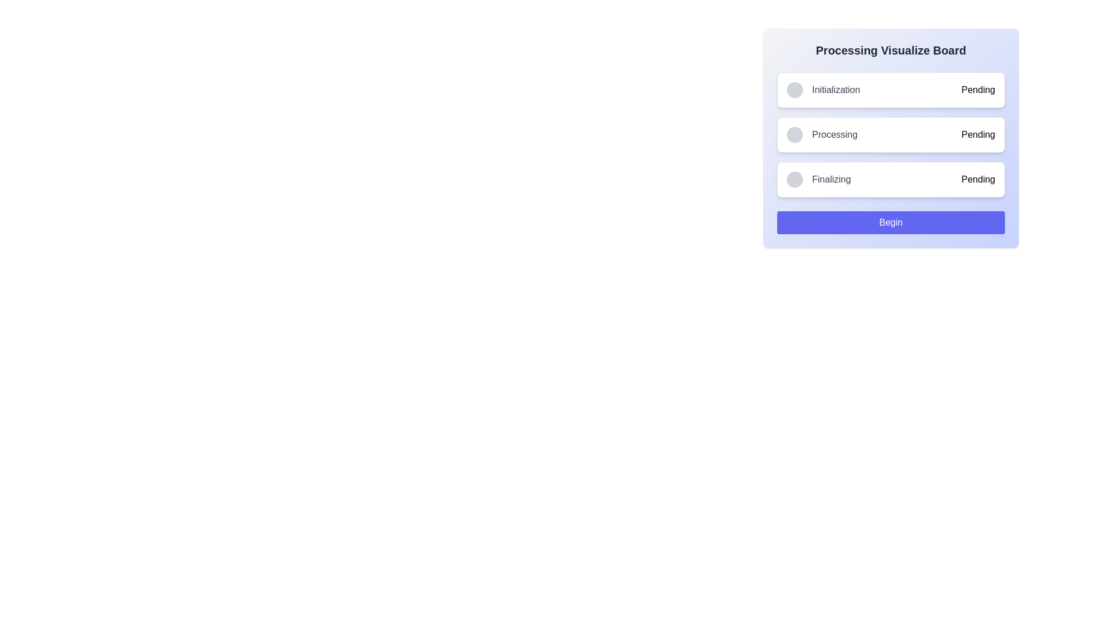 The height and width of the screenshot is (620, 1102). I want to click on the 'Processing' text label, which is the second entry in a vertical list of rows, displayed in gray color and medium-sized font, with a circular icon on its left, so click(835, 134).